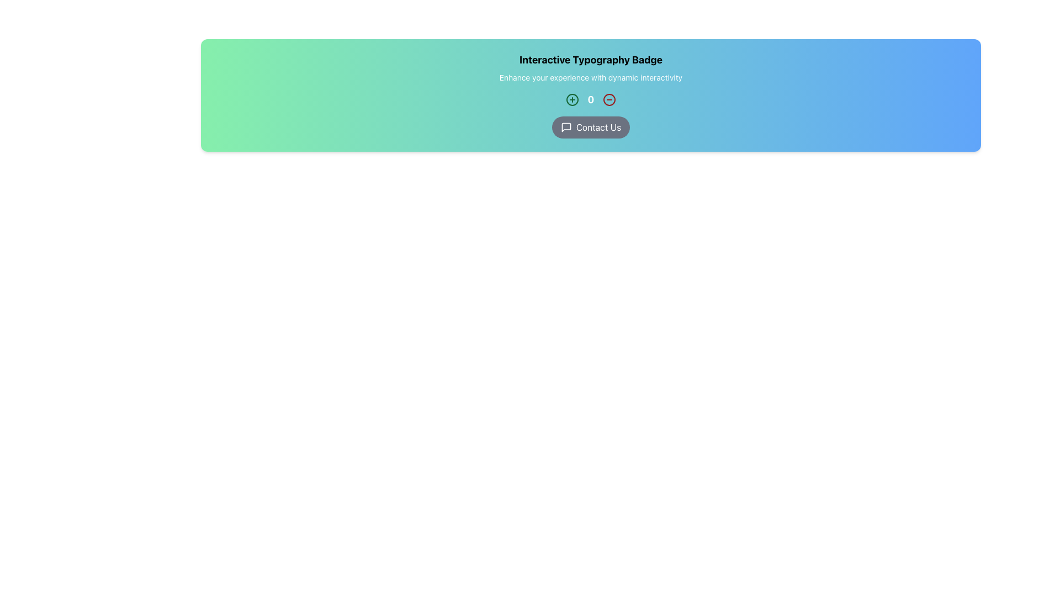  Describe the element at coordinates (566, 127) in the screenshot. I see `the SVG icon resembling a speech bubble located to the left of the 'Contact Us' text label within the gray button` at that location.